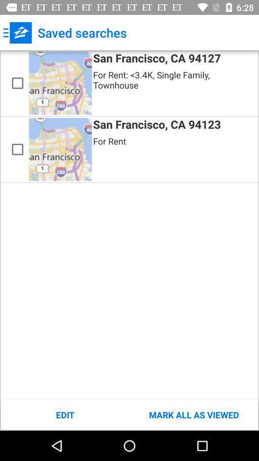  Describe the element at coordinates (17, 149) in the screenshot. I see `san francisco` at that location.